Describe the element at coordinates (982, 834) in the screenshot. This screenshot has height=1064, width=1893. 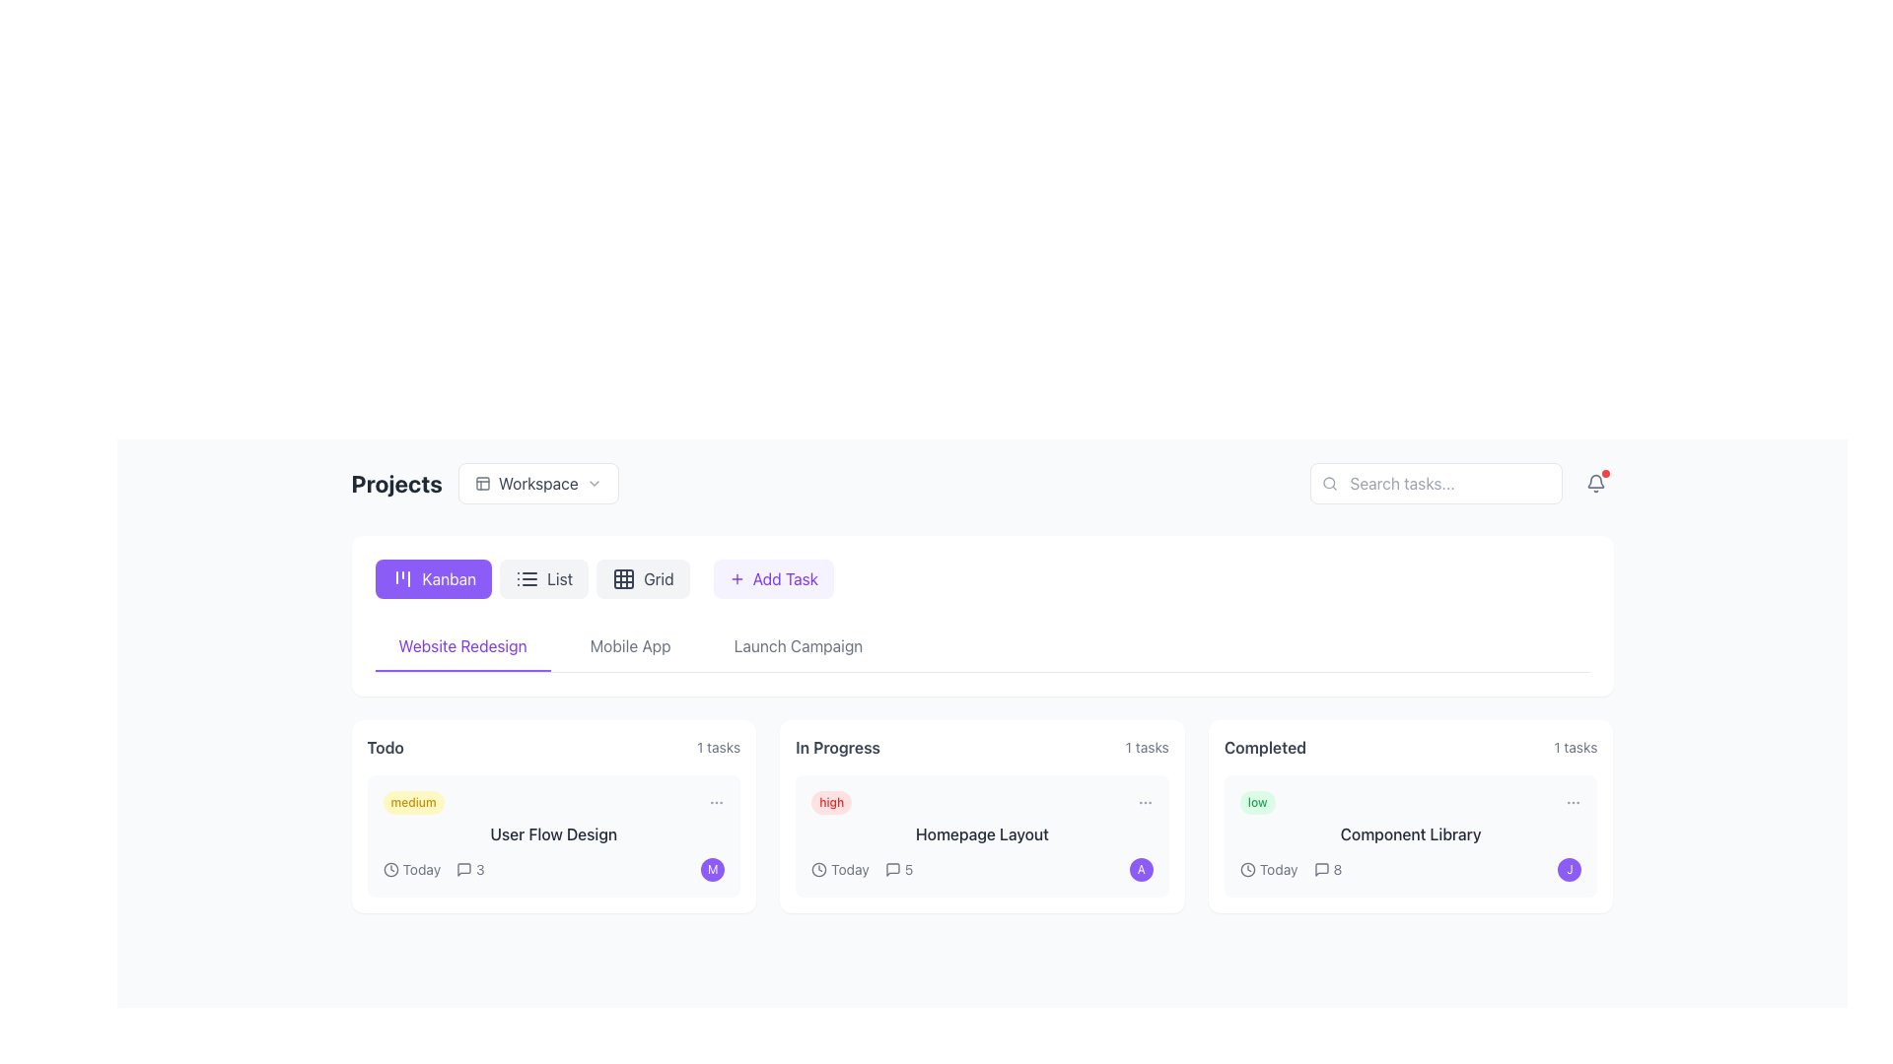
I see `the text label displaying 'Homepage Layout' located in the 'In Progress' column of the Kanban board, positioned centrally within its card interface` at that location.